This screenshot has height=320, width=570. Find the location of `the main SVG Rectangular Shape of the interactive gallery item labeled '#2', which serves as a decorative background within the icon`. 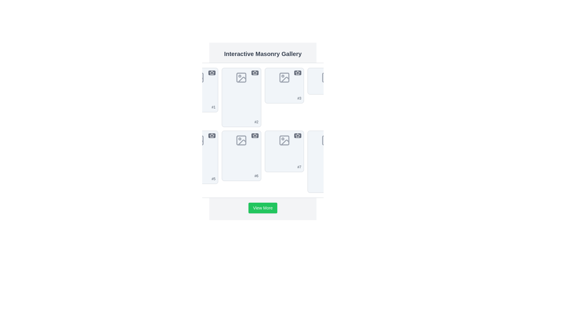

the main SVG Rectangular Shape of the interactive gallery item labeled '#2', which serves as a decorative background within the icon is located at coordinates (241, 77).